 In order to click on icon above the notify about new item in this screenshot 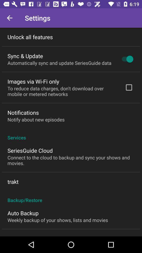, I will do `click(23, 113)`.